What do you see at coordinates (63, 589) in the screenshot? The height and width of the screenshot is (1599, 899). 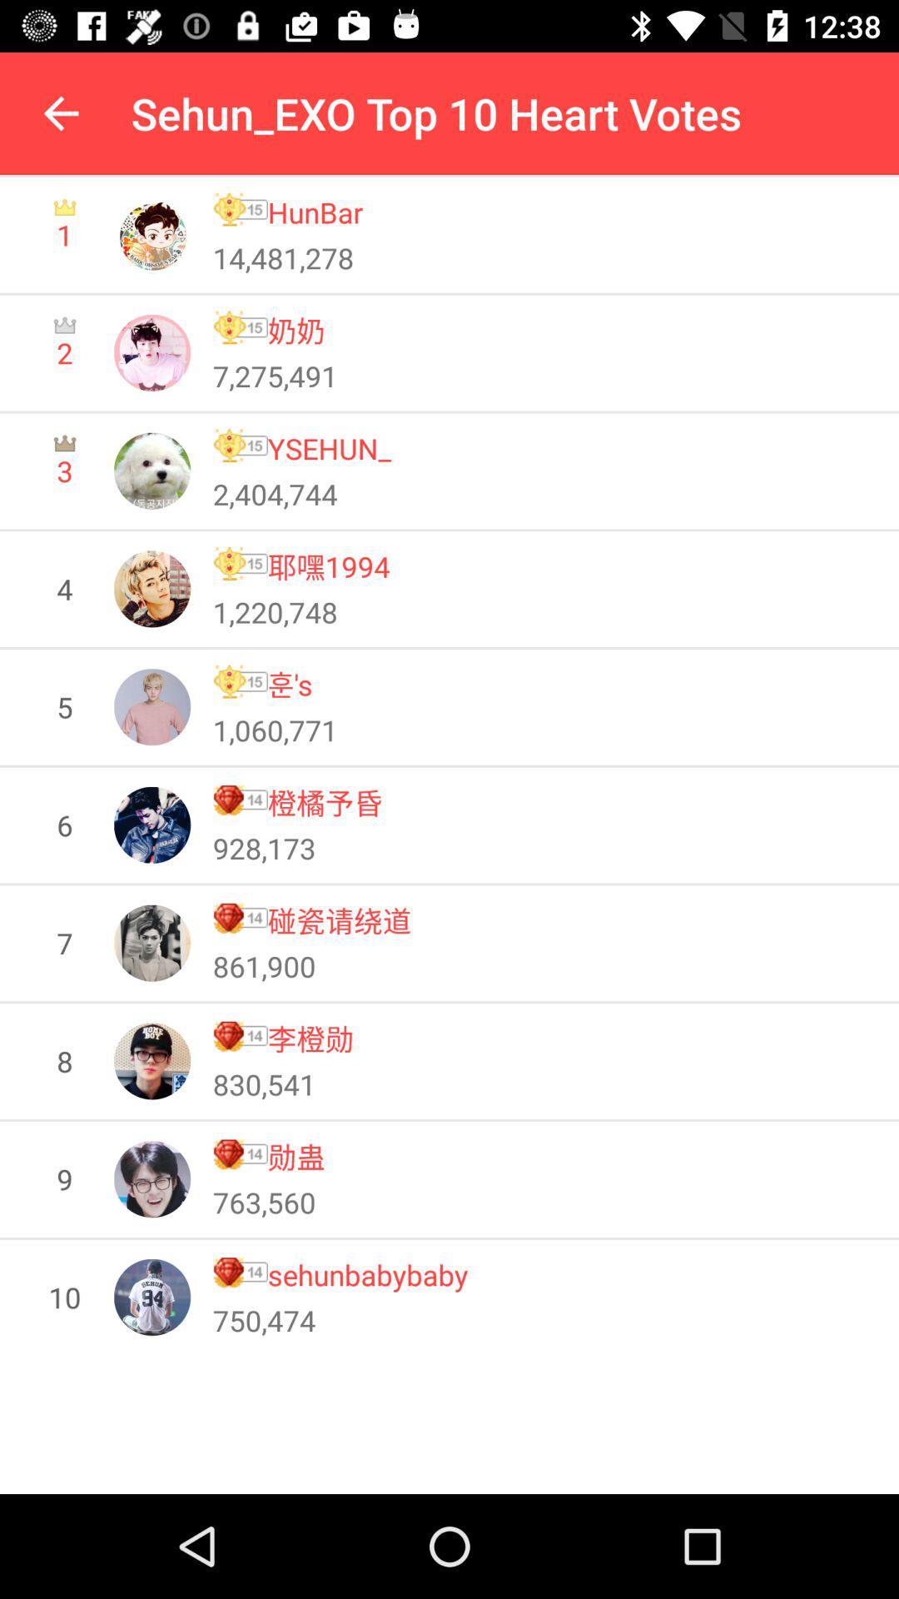 I see `4 item` at bounding box center [63, 589].